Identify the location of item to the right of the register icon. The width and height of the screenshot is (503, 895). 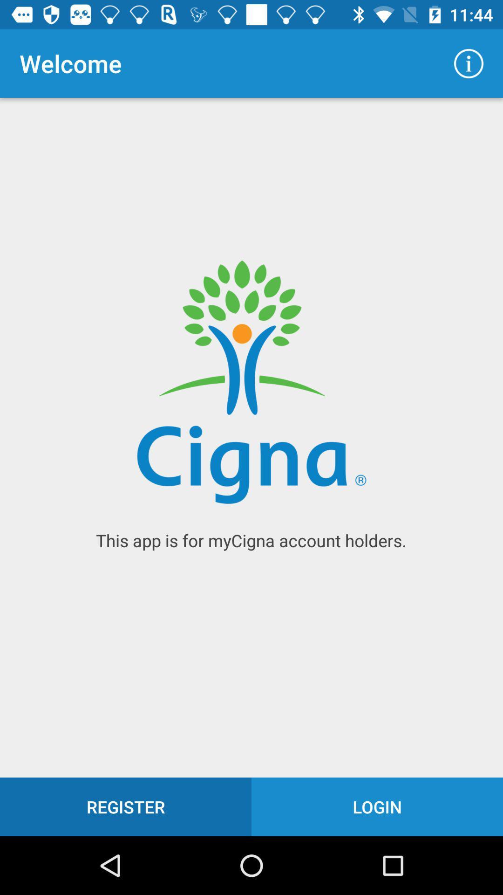
(377, 806).